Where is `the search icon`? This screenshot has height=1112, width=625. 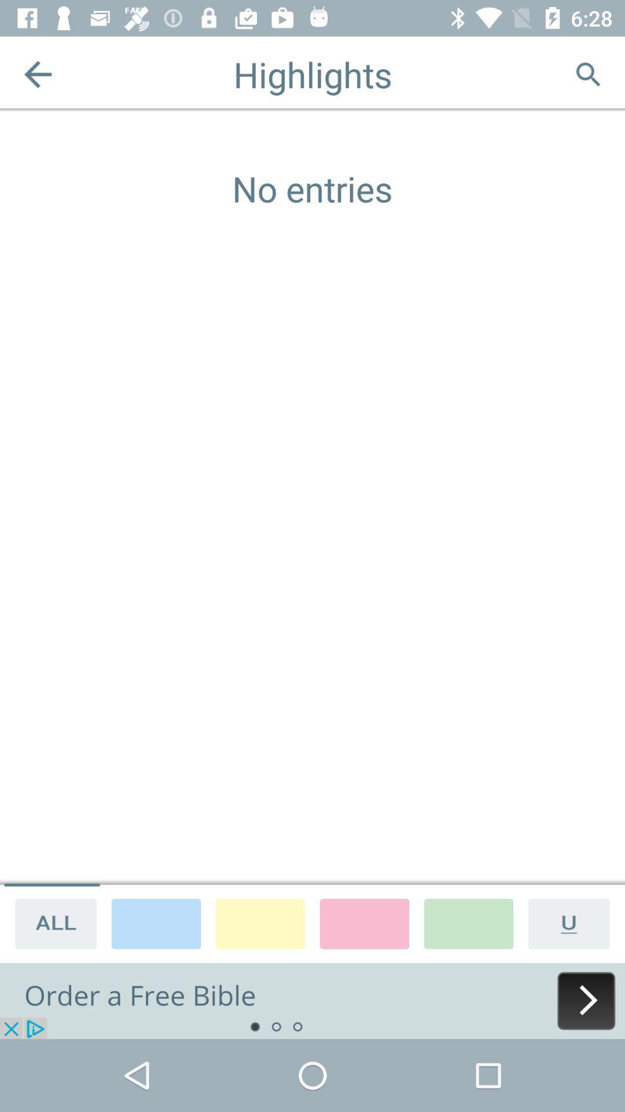 the search icon is located at coordinates (587, 74).